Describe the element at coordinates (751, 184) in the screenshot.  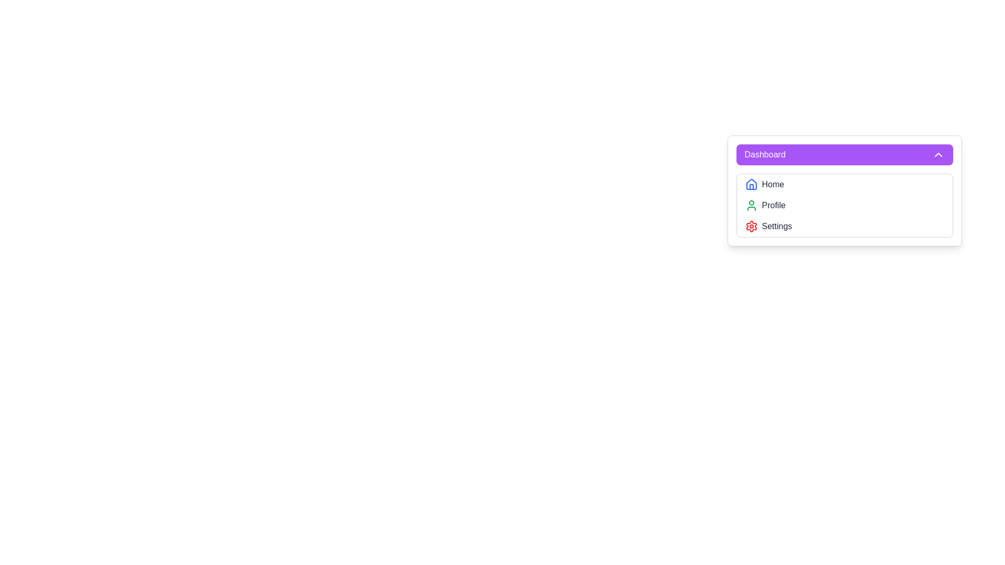
I see `the 'Home' icon in the dropdown menu under the 'Dashboard' heading, which is the first icon in a vertical list of three items` at that location.